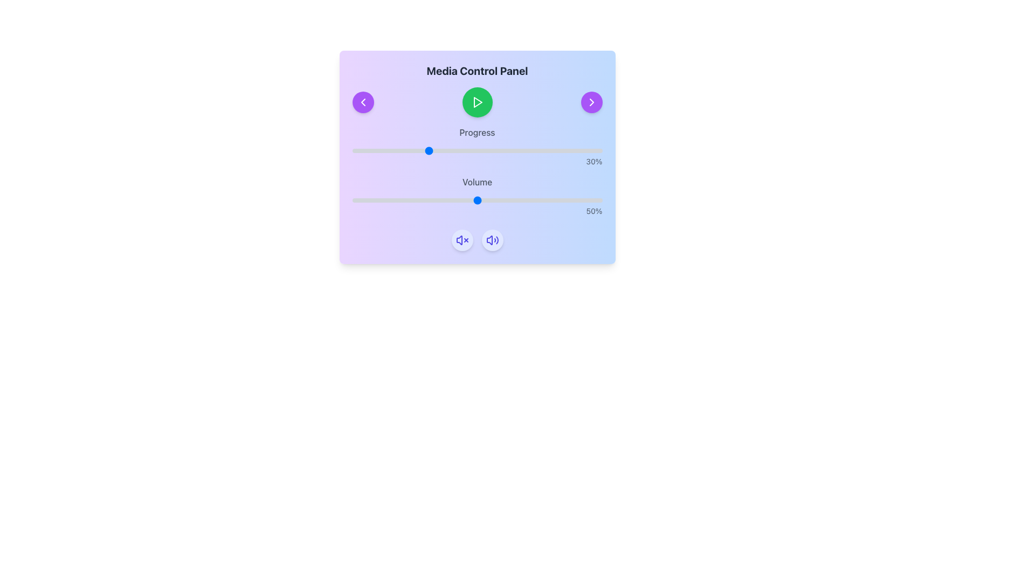 This screenshot has width=1035, height=582. Describe the element at coordinates (552, 151) in the screenshot. I see `progress` at that location.